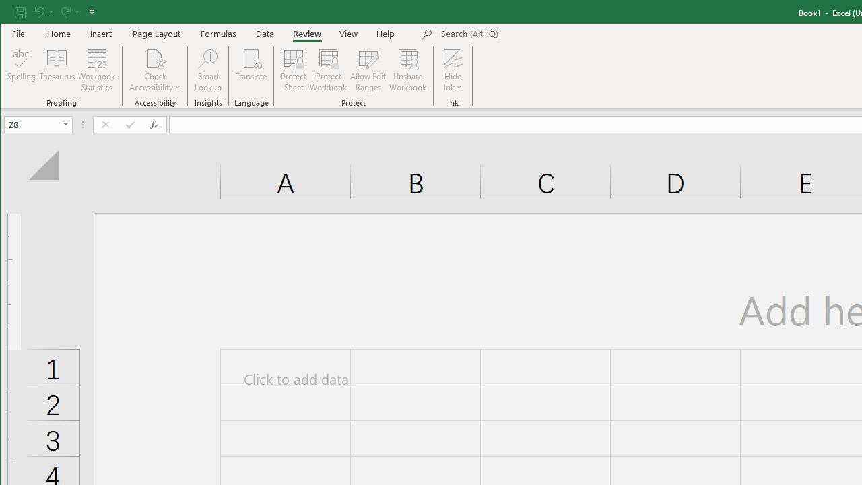  I want to click on 'Data', so click(265, 33).